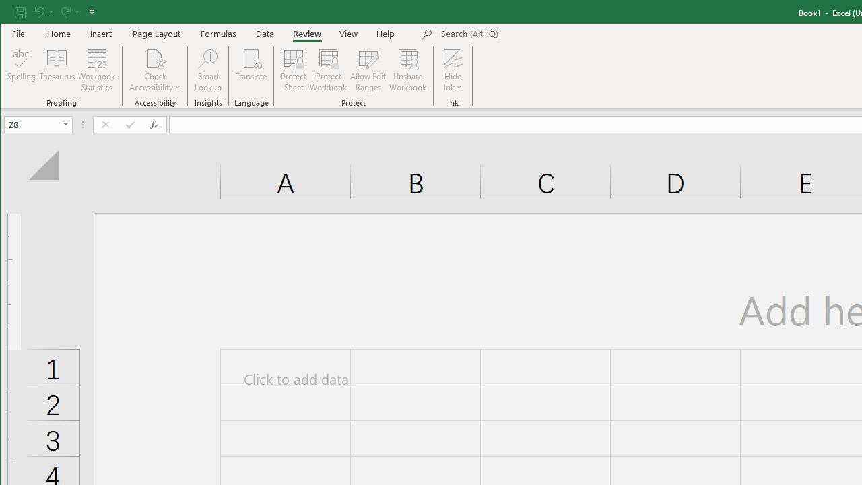  I want to click on 'Data', so click(265, 33).